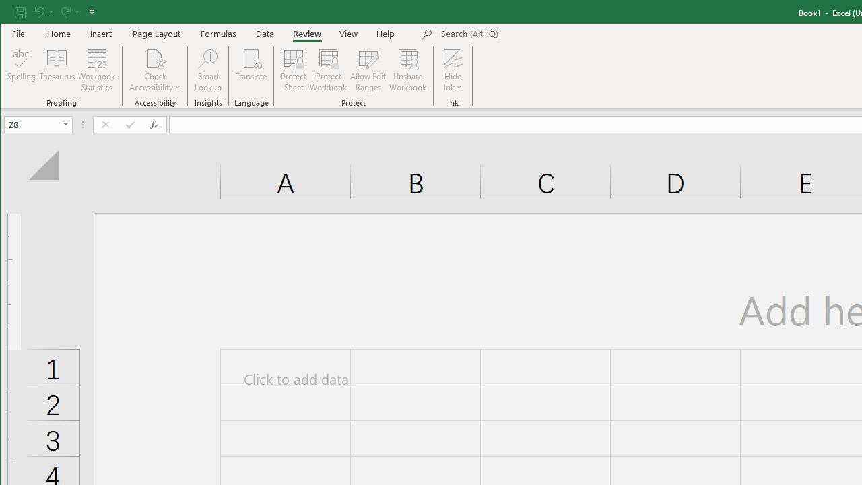  I want to click on 'Data', so click(265, 33).